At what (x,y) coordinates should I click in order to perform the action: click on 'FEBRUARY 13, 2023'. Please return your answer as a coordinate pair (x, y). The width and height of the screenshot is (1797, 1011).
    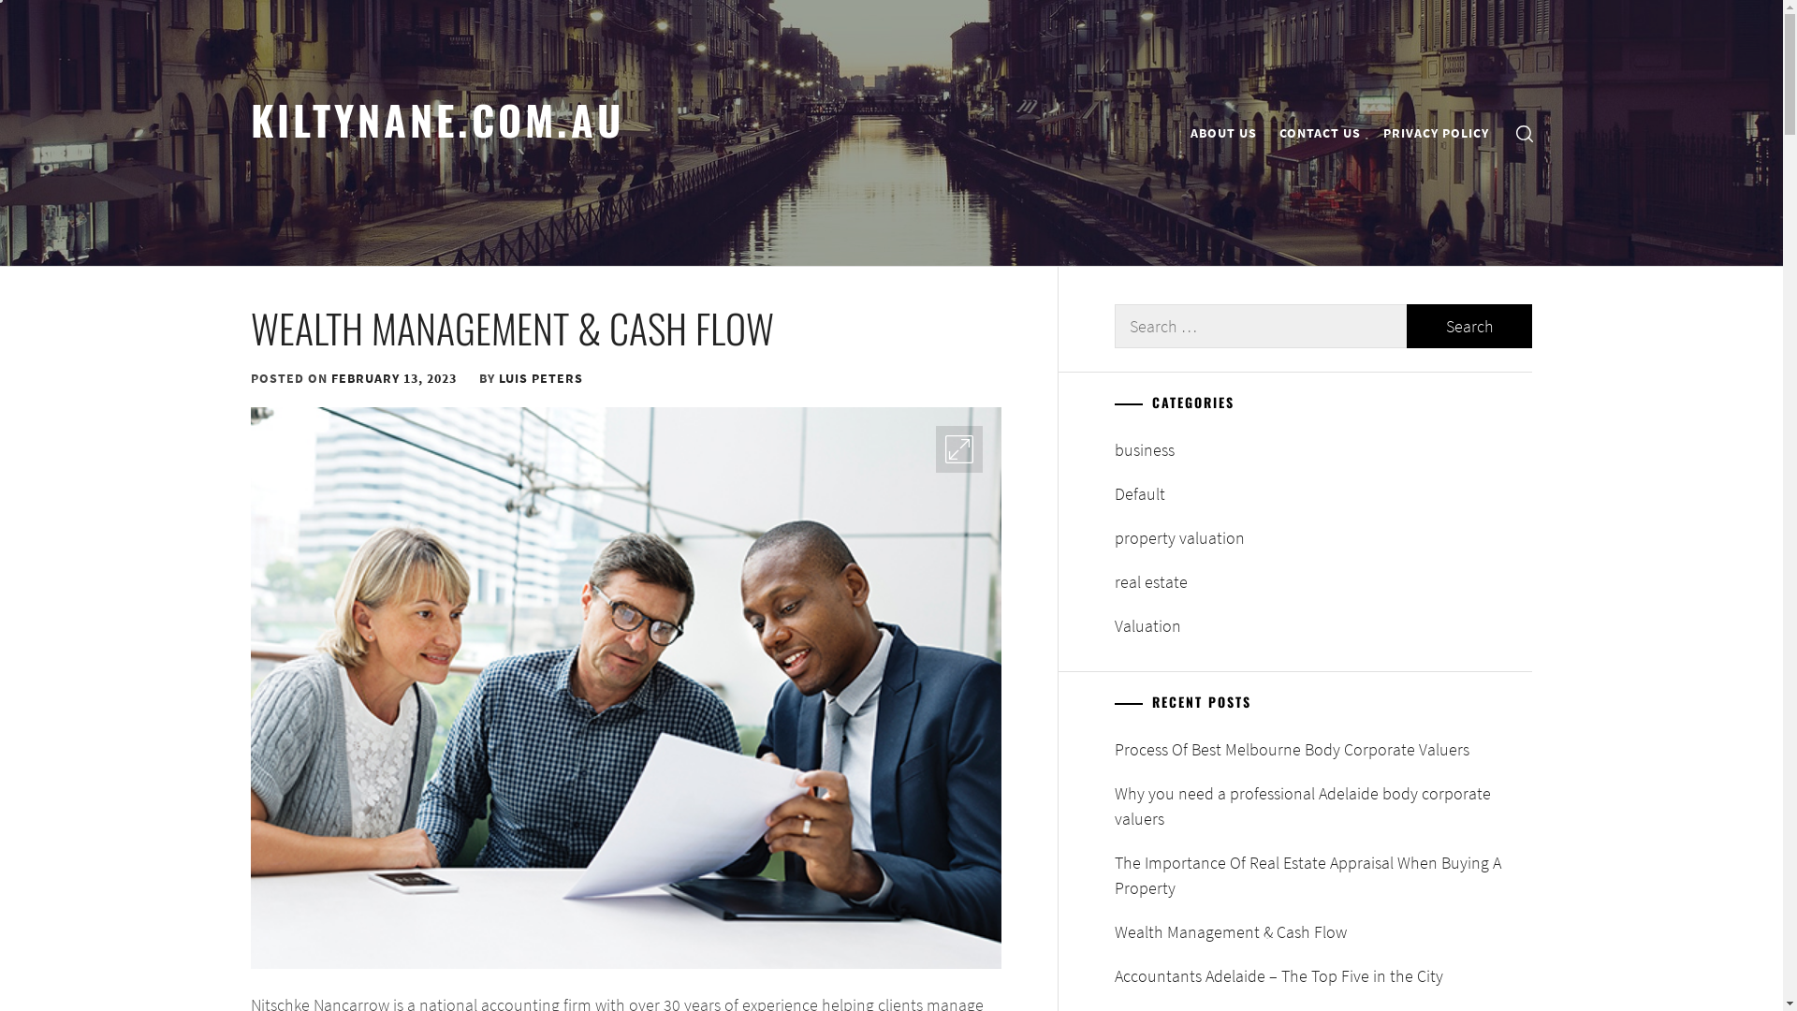
    Looking at the image, I should click on (393, 378).